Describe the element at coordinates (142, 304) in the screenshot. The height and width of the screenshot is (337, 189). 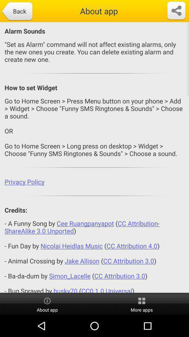
I see `more apps` at that location.